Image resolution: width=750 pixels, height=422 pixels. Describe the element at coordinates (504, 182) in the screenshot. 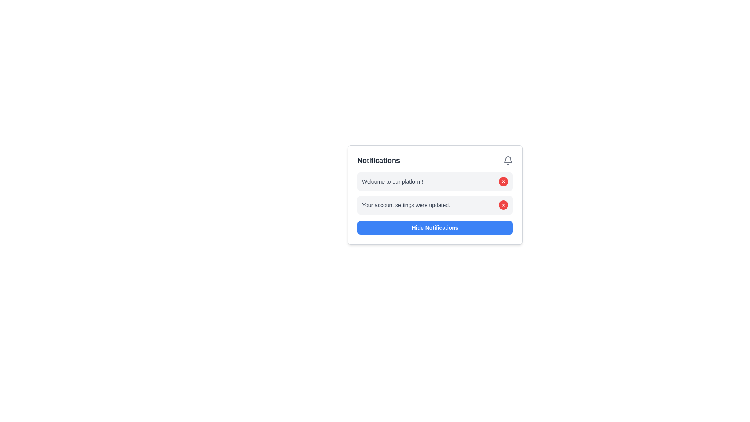

I see `the 'X' icon inside the red circular button` at that location.